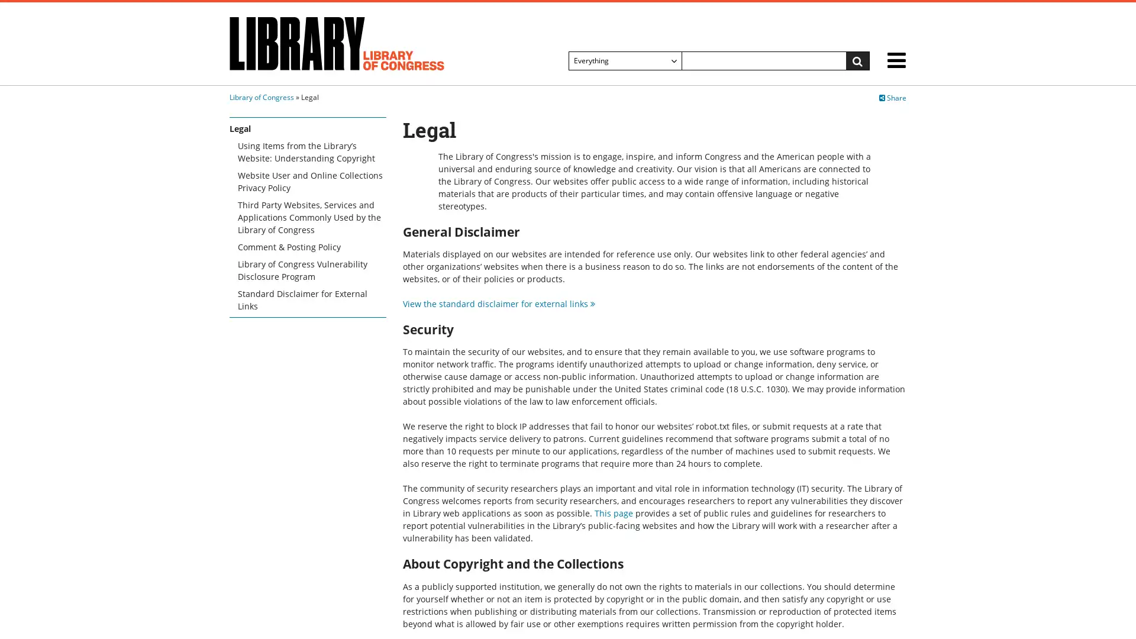  Describe the element at coordinates (896, 62) in the screenshot. I see `menu` at that location.